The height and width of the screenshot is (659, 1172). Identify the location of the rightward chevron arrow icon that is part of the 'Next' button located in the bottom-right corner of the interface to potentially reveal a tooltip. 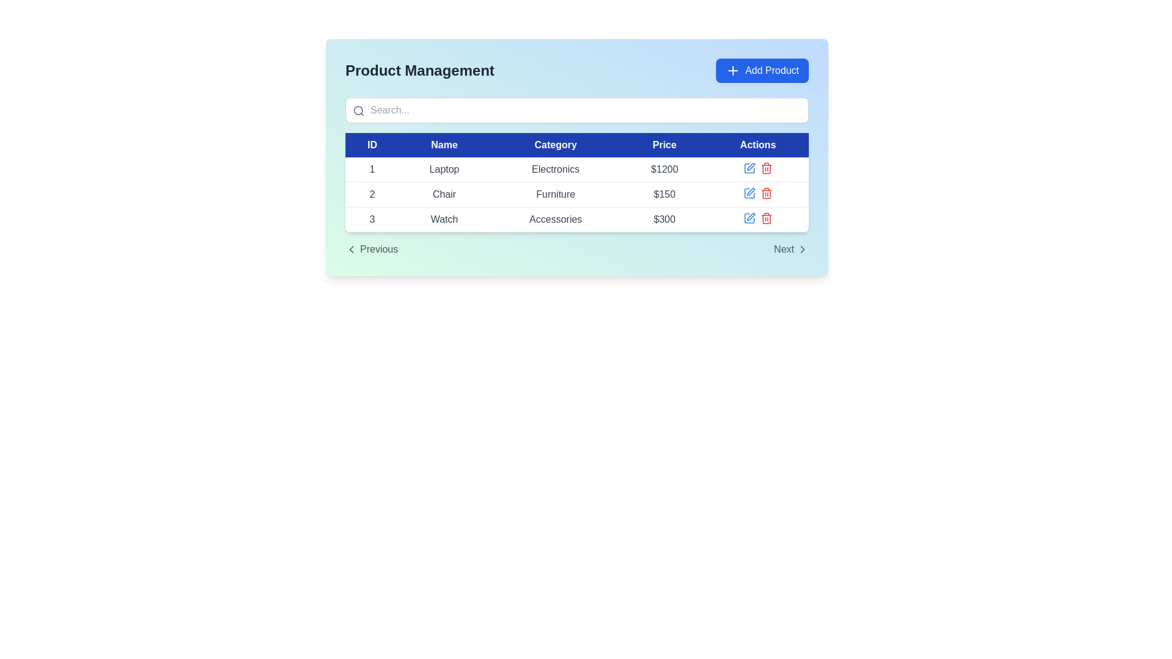
(803, 248).